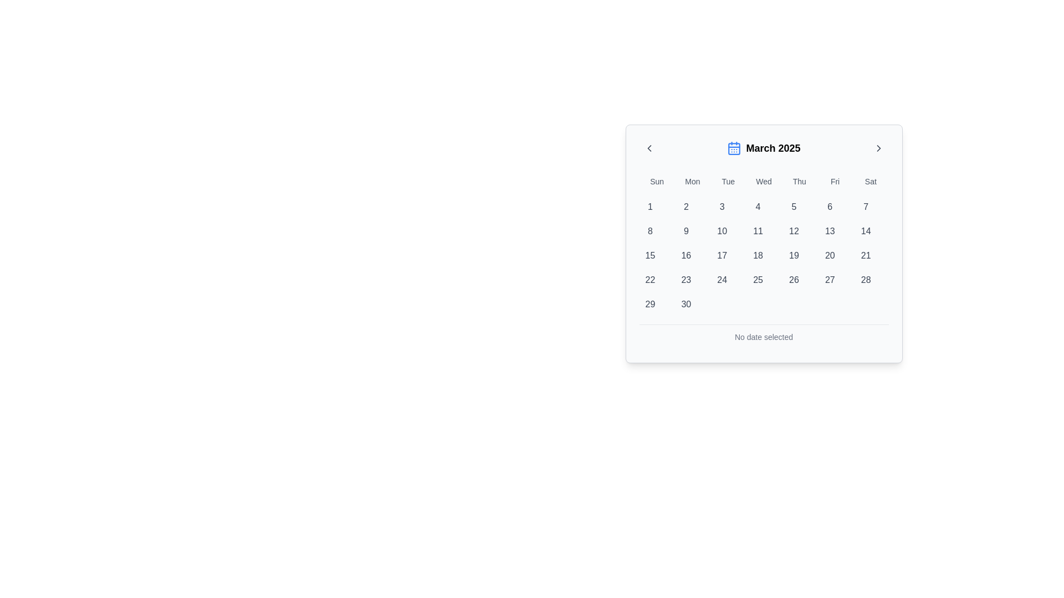 Image resolution: width=1064 pixels, height=598 pixels. I want to click on the circular calendar button displaying '28' to observe the background highlight effect, so click(865, 279).